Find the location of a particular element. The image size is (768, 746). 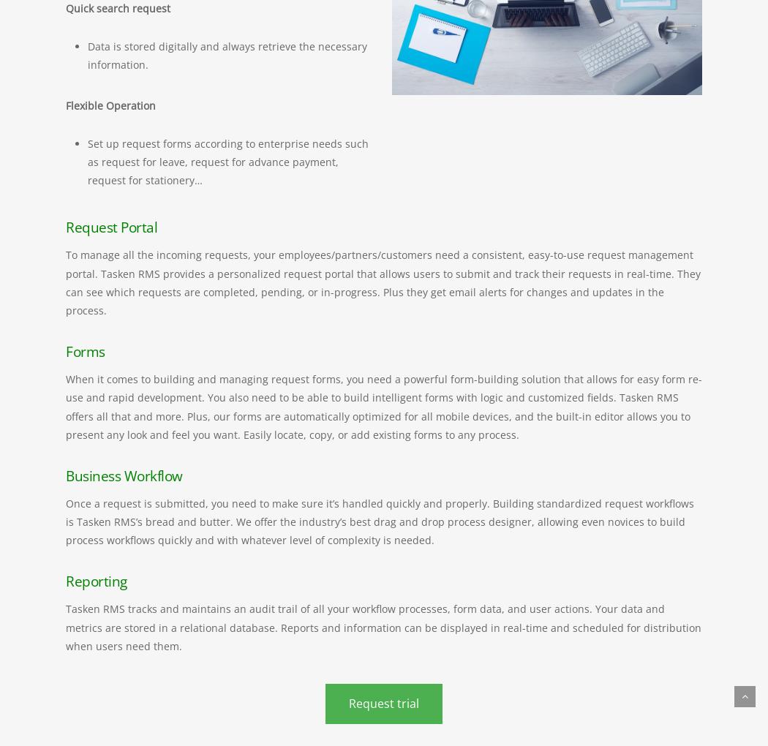

'Once a request is submitted, you need to make sure it’s handled quickly and properly. Building standardized request workflows is Tasken RMS’s bread and butter. We offer the industry’s best drag and drop process designer, allowing even novices to build process workflows quickly and with whatever level of complexity is needed.' is located at coordinates (379, 520).